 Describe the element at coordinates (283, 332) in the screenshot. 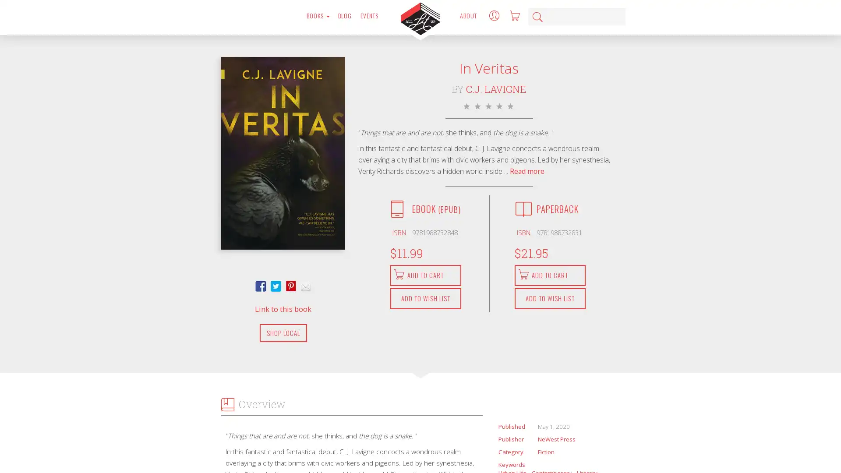

I see `SHOP LOCAL` at that location.